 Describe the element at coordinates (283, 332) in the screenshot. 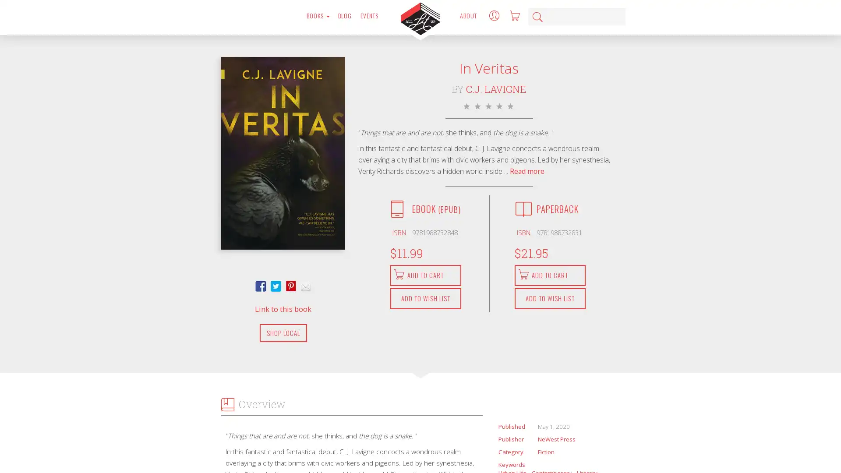

I see `SHOP LOCAL` at that location.